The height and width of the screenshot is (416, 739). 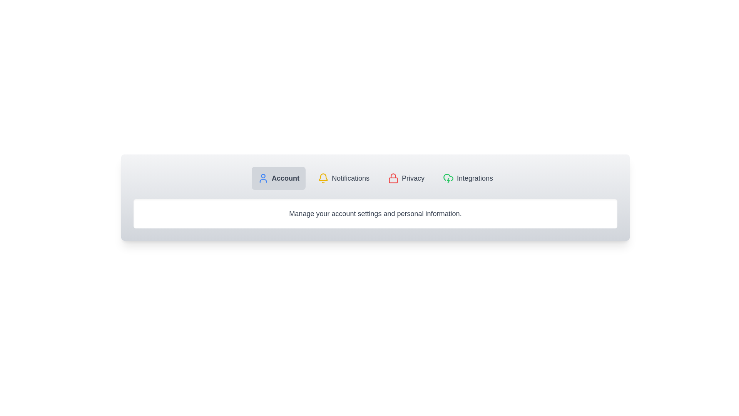 I want to click on the 'Integrations' button, which is the fourth button in the navigation bar, featuring a green cloud icon with a lightning bolt and bold text, so click(x=467, y=178).